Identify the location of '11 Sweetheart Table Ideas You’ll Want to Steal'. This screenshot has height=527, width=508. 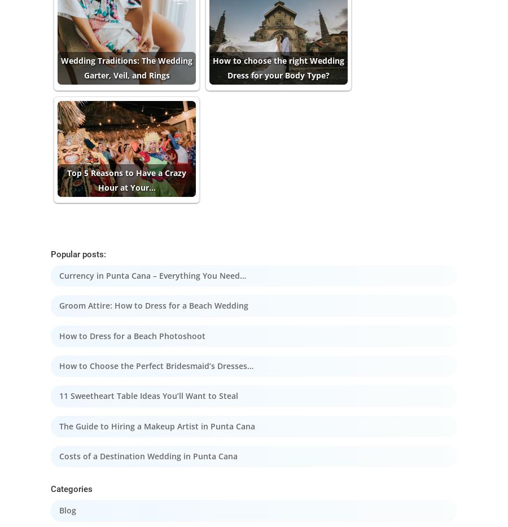
(148, 395).